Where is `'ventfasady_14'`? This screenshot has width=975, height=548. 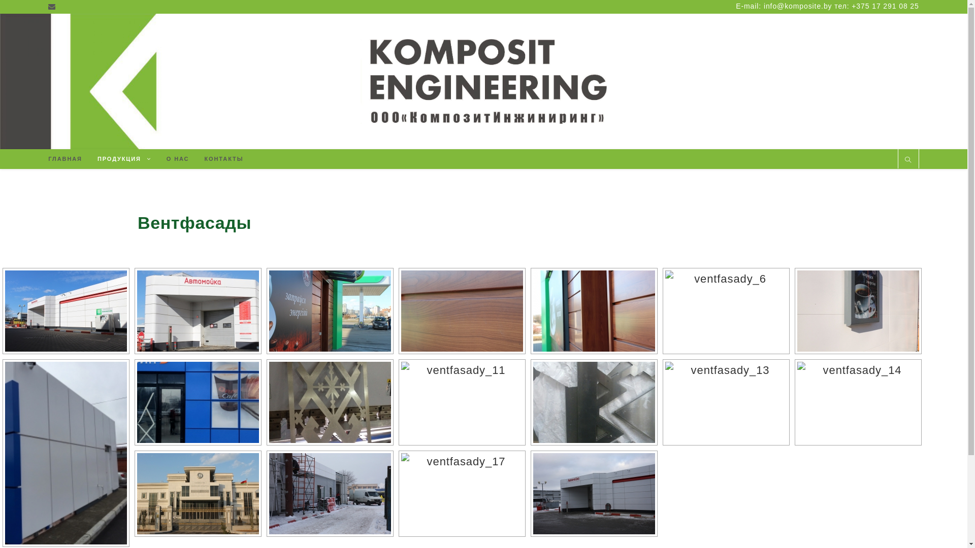
'ventfasady_14' is located at coordinates (857, 402).